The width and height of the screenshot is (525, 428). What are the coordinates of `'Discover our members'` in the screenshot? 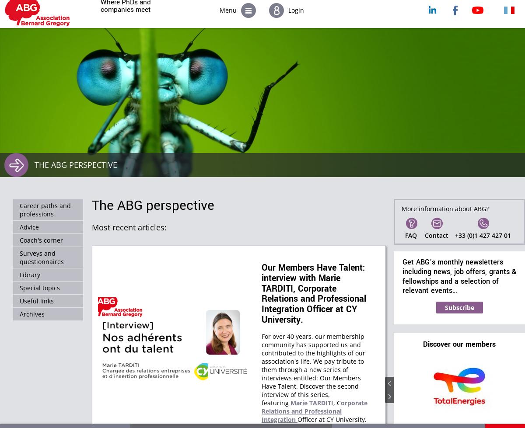 It's located at (459, 344).